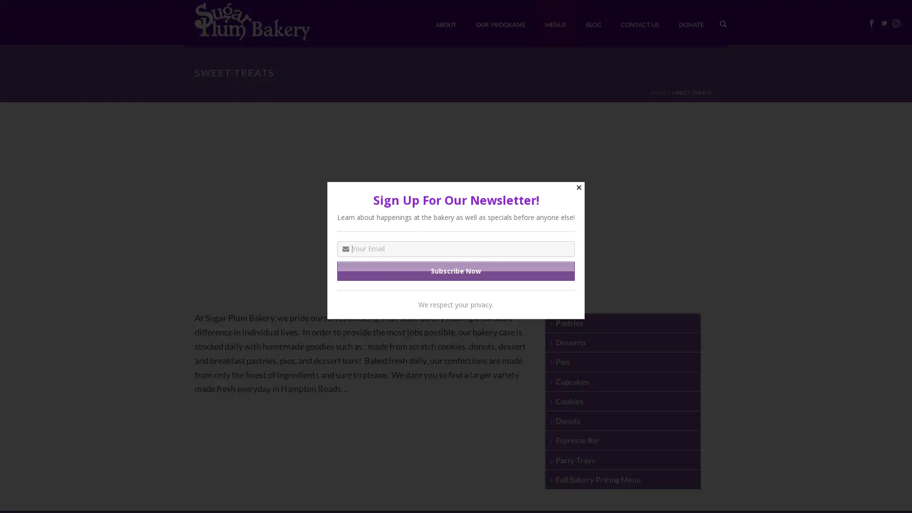  What do you see at coordinates (578, 188) in the screenshot?
I see `Close` at bounding box center [578, 188].